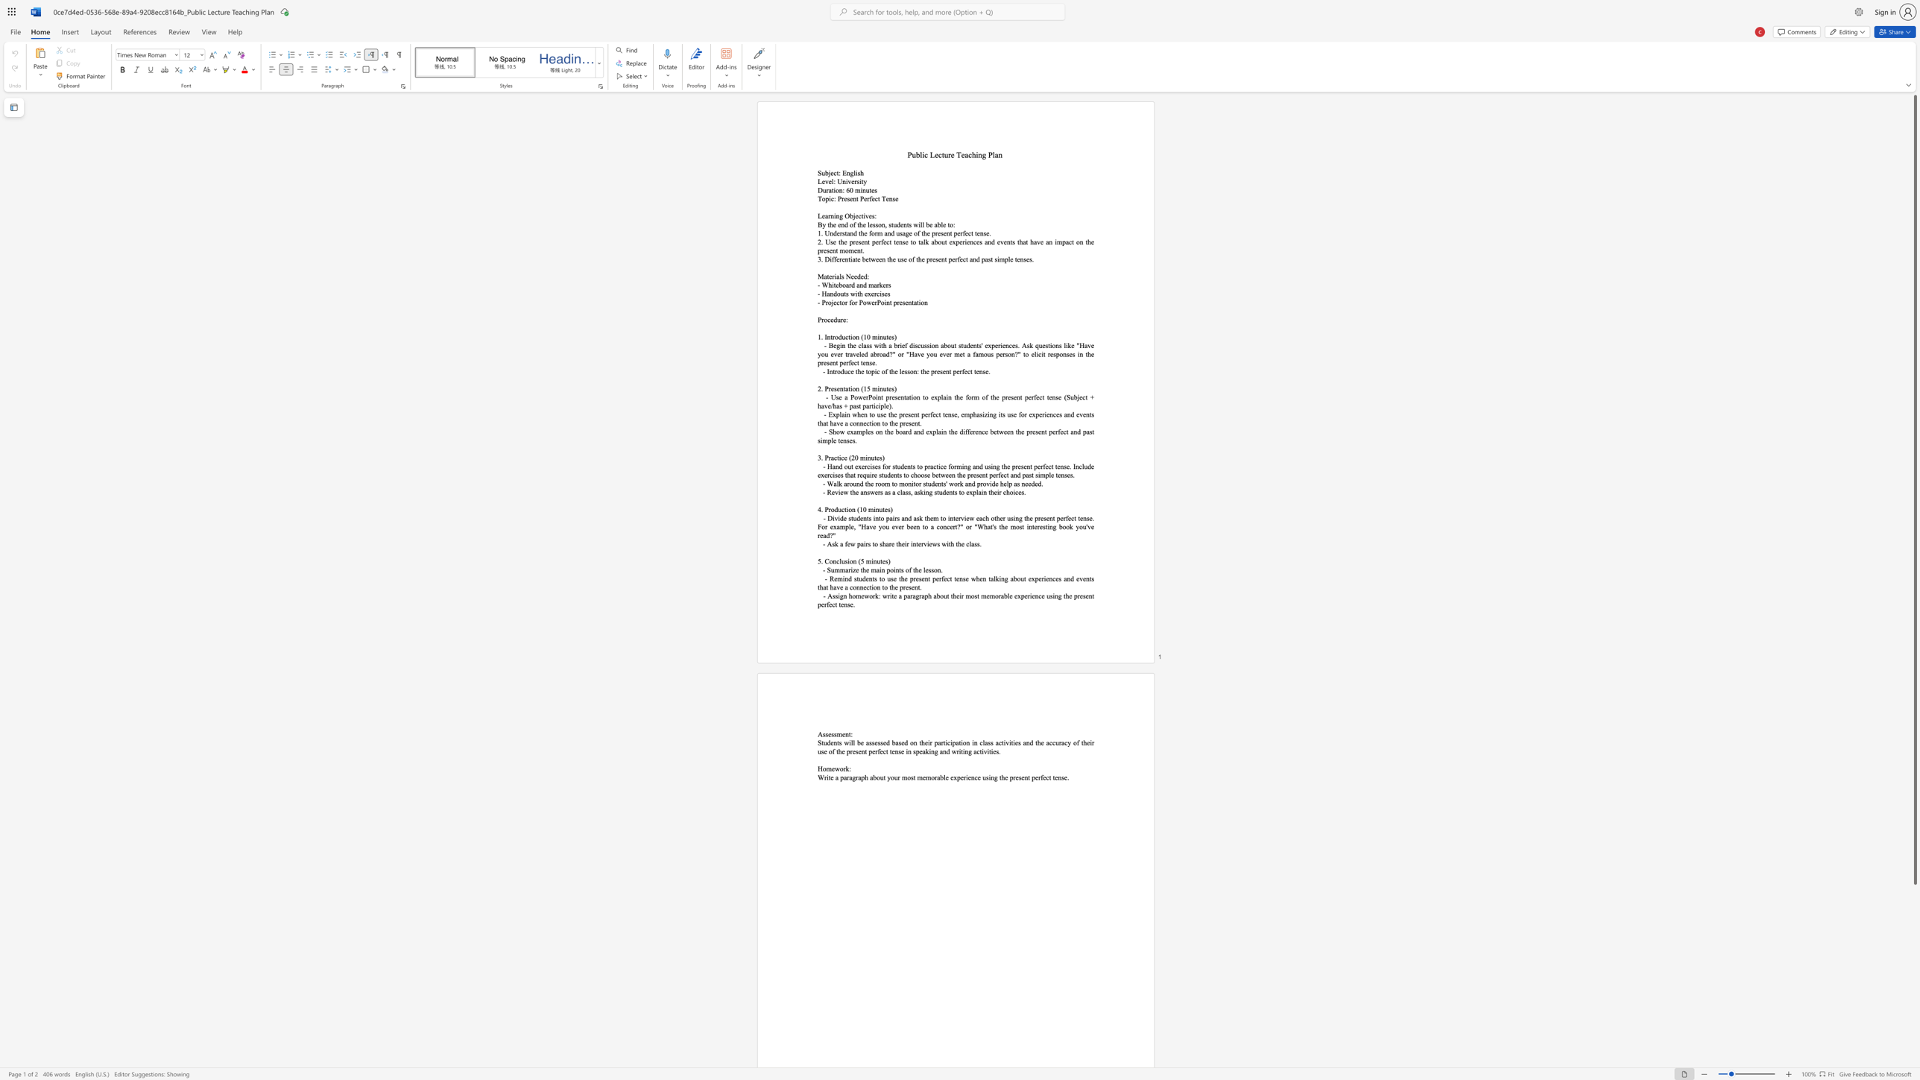 The image size is (1920, 1080). Describe the element at coordinates (942, 154) in the screenshot. I see `the 1th character "t" in the text` at that location.